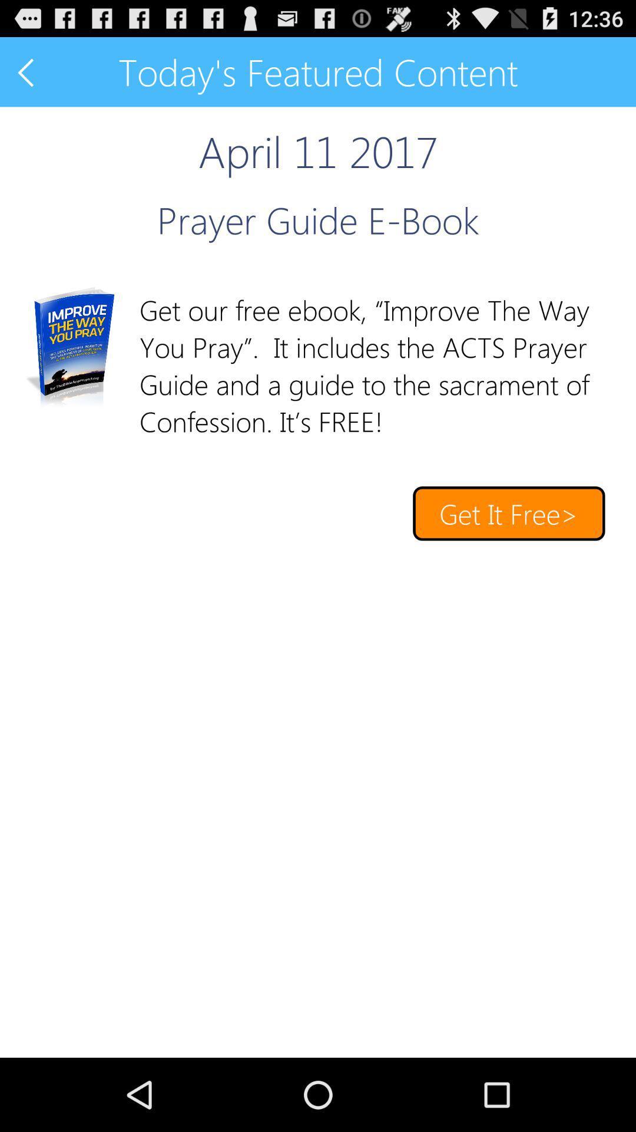 The height and width of the screenshot is (1132, 636). What do you see at coordinates (26, 76) in the screenshot?
I see `the arrow_backward icon` at bounding box center [26, 76].